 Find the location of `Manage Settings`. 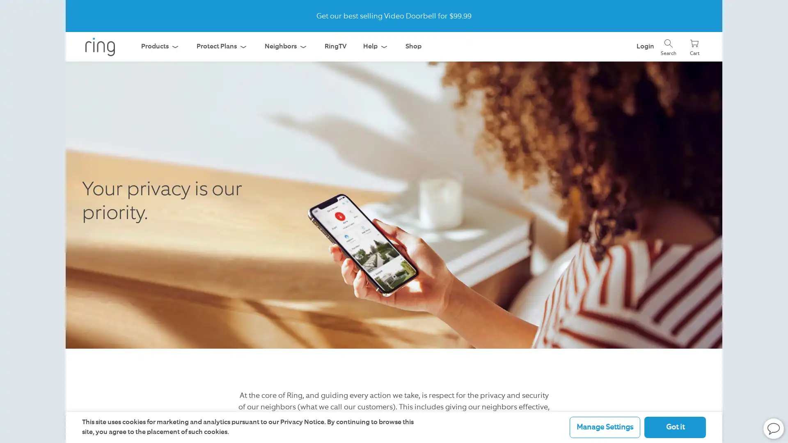

Manage Settings is located at coordinates (605, 427).